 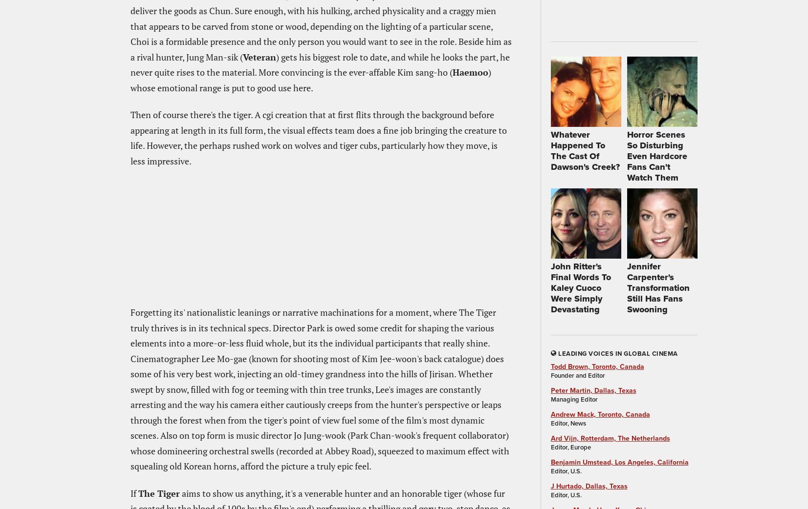 What do you see at coordinates (600, 414) in the screenshot?
I see `'Andrew Mack, Toronto, Canada'` at bounding box center [600, 414].